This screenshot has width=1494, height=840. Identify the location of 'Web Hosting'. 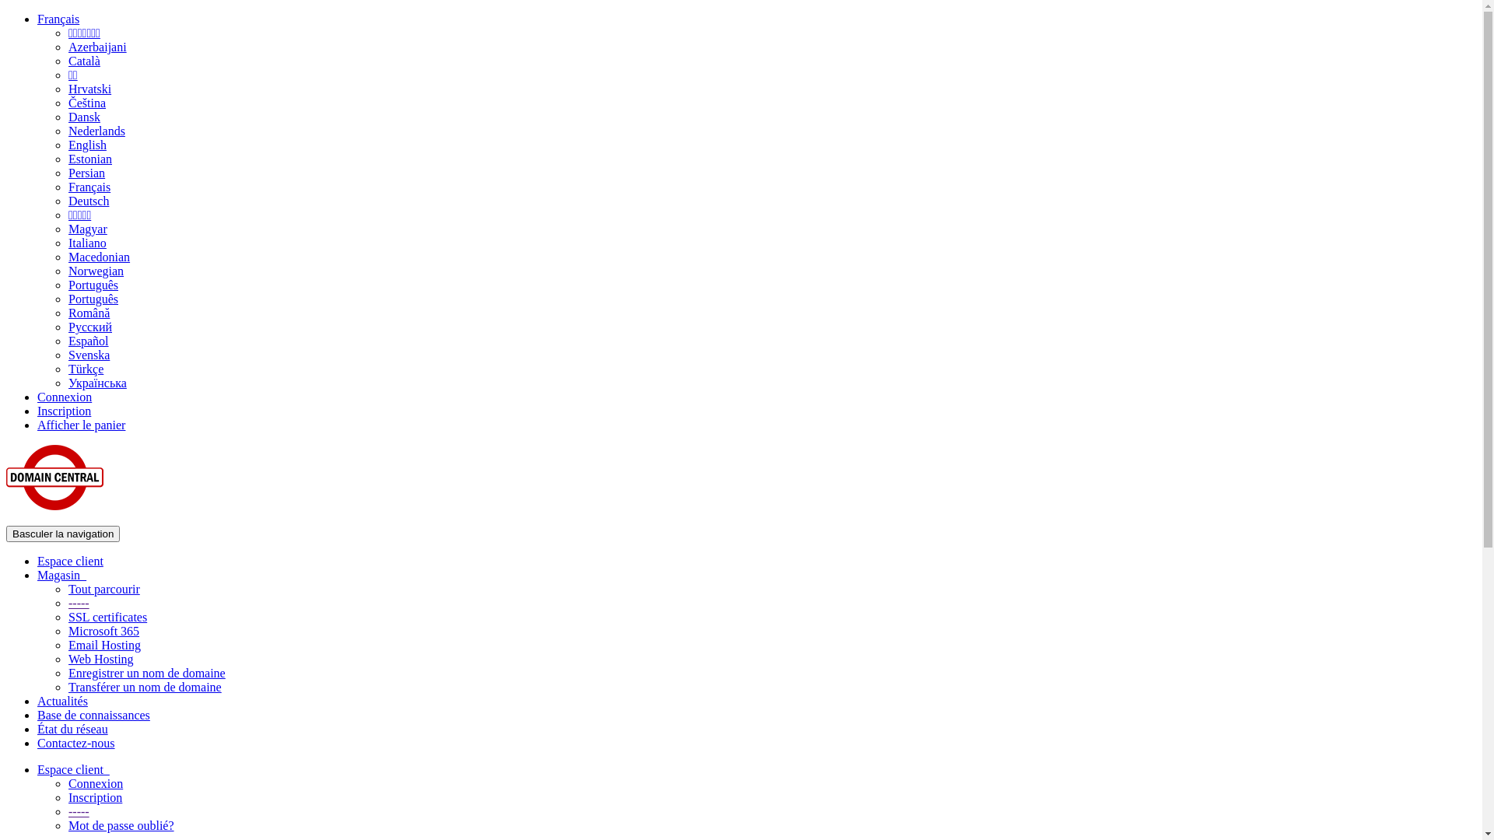
(100, 659).